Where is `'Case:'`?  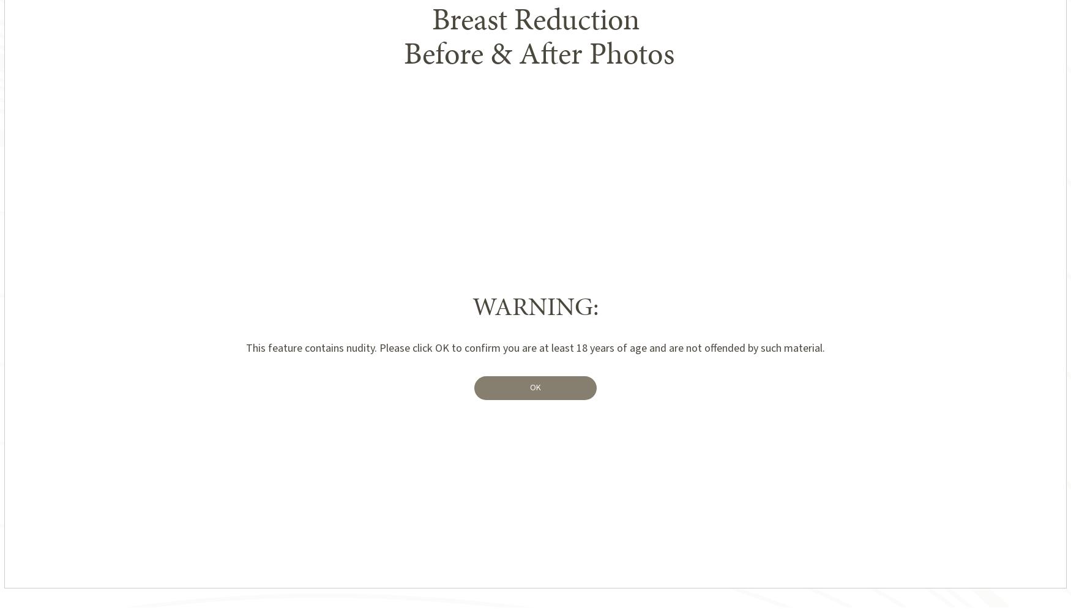
'Case:' is located at coordinates (518, 503).